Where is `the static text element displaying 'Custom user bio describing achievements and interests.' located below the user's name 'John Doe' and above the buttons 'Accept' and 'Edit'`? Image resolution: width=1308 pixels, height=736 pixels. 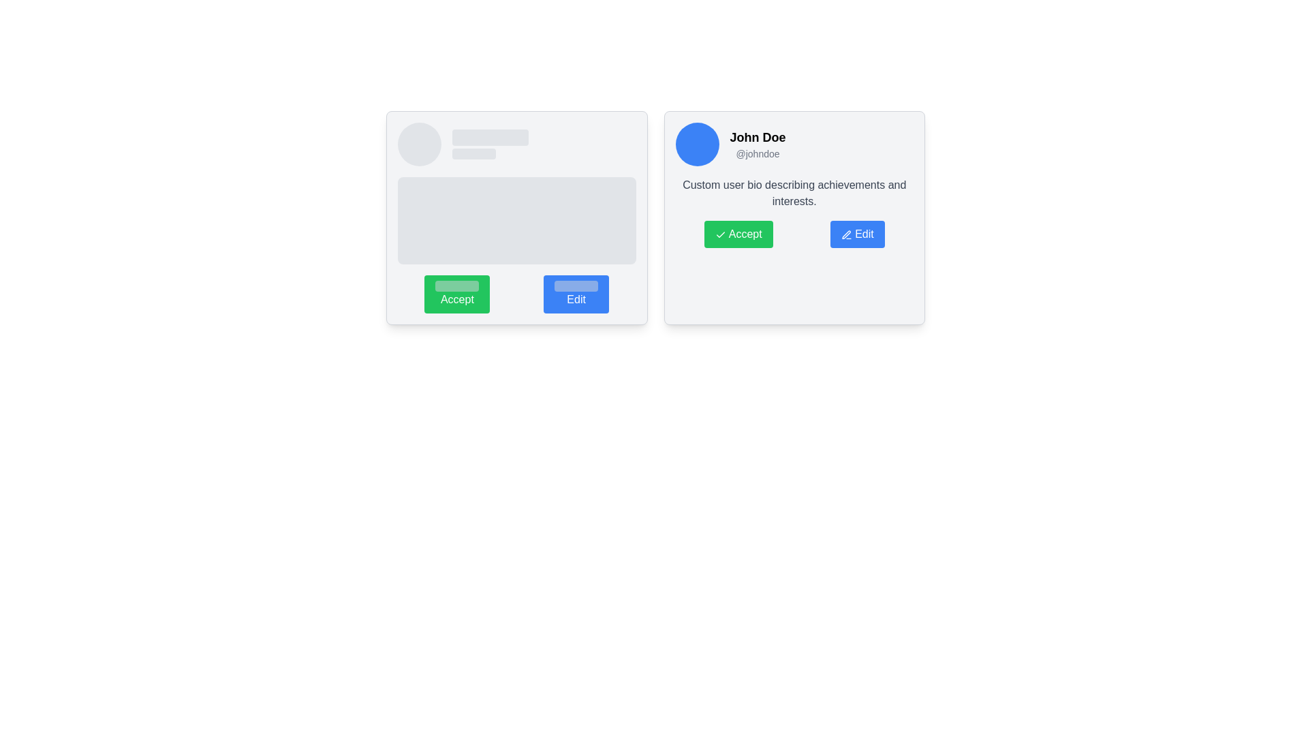
the static text element displaying 'Custom user bio describing achievements and interests.' located below the user's name 'John Doe' and above the buttons 'Accept' and 'Edit' is located at coordinates (794, 194).